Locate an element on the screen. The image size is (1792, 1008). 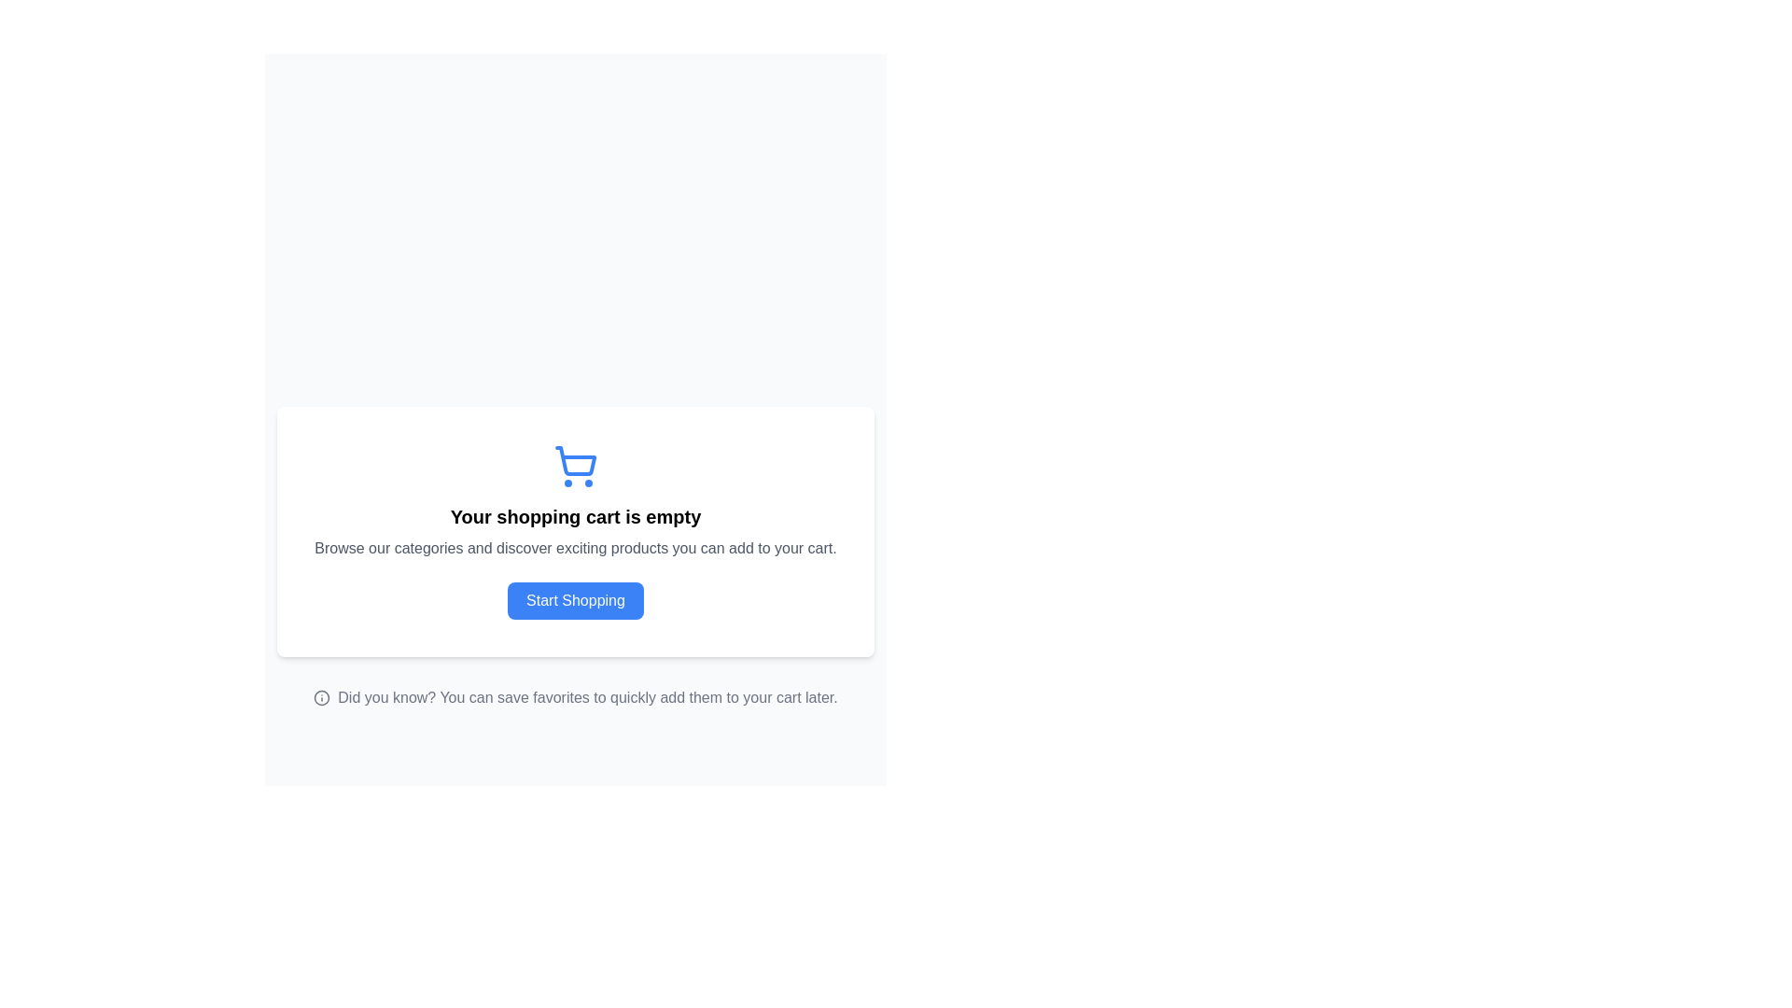
the blue shopping cart icon located above the text 'Your shopping cart is empty' is located at coordinates (575, 466).